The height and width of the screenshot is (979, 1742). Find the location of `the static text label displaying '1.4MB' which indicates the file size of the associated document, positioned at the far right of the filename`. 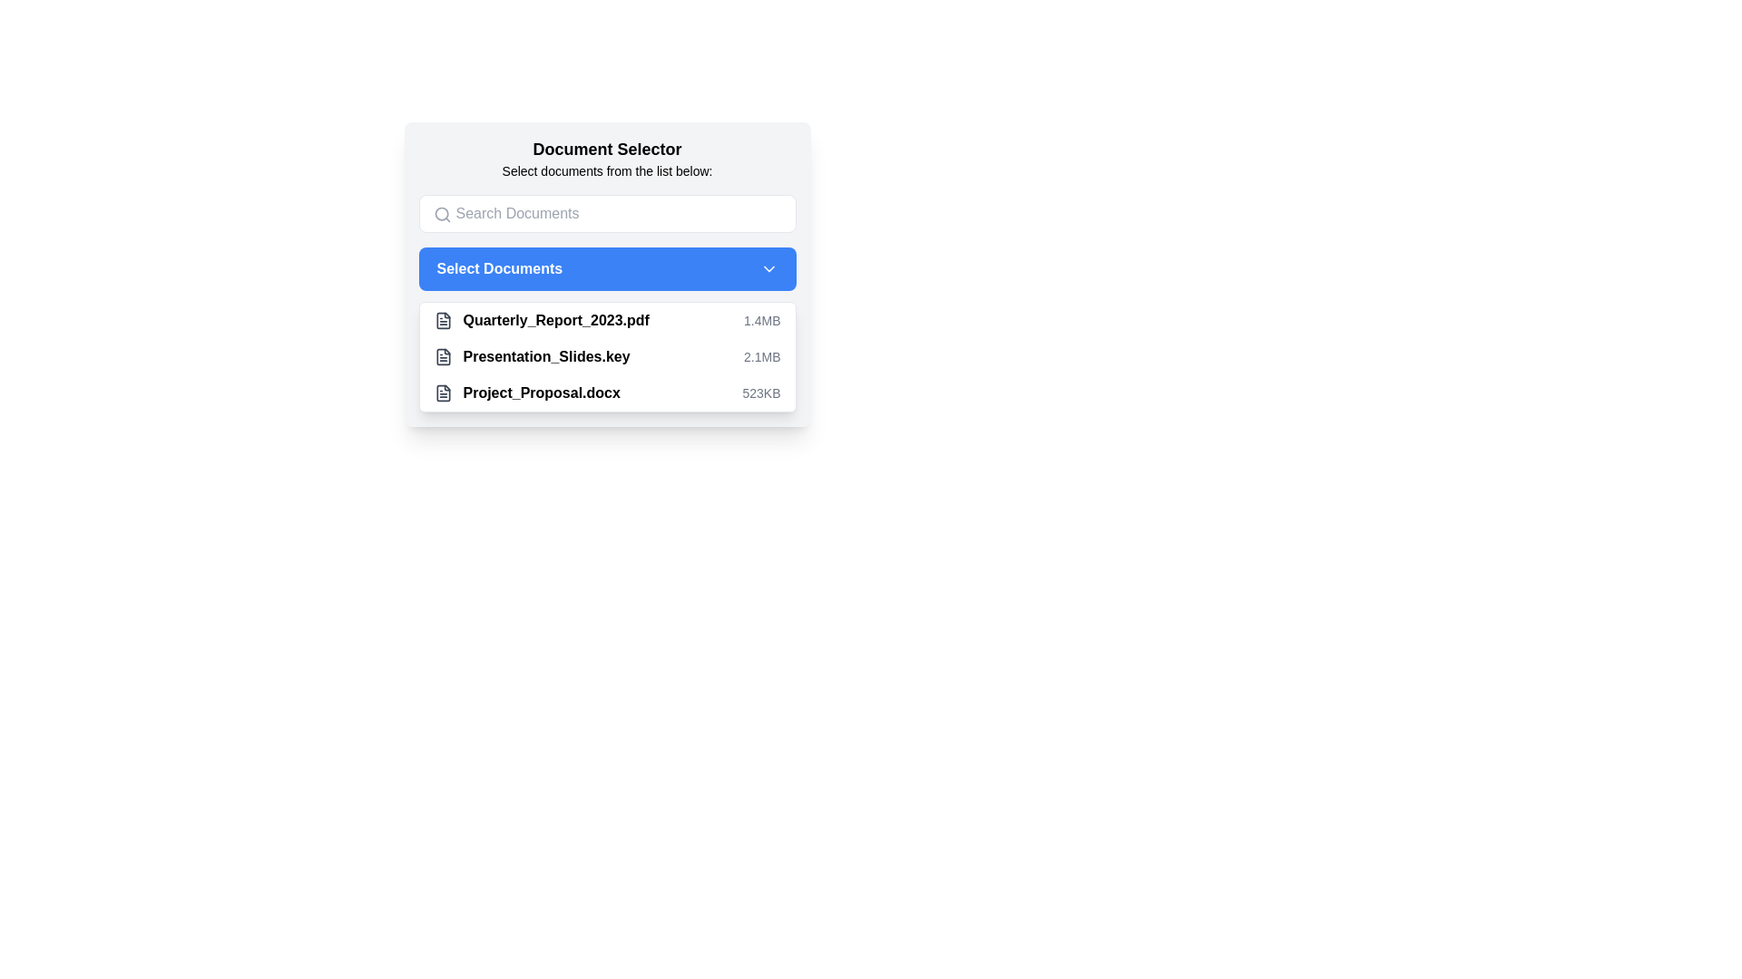

the static text label displaying '1.4MB' which indicates the file size of the associated document, positioned at the far right of the filename is located at coordinates (762, 320).